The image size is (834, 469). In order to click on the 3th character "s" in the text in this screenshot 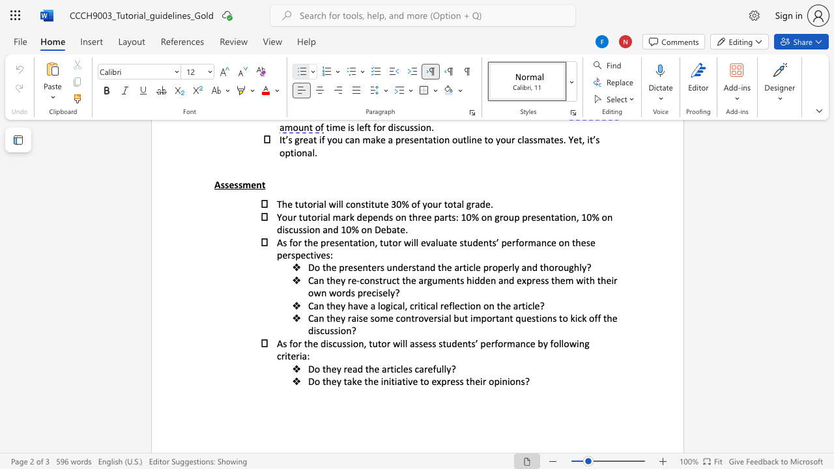, I will do `click(523, 381)`.